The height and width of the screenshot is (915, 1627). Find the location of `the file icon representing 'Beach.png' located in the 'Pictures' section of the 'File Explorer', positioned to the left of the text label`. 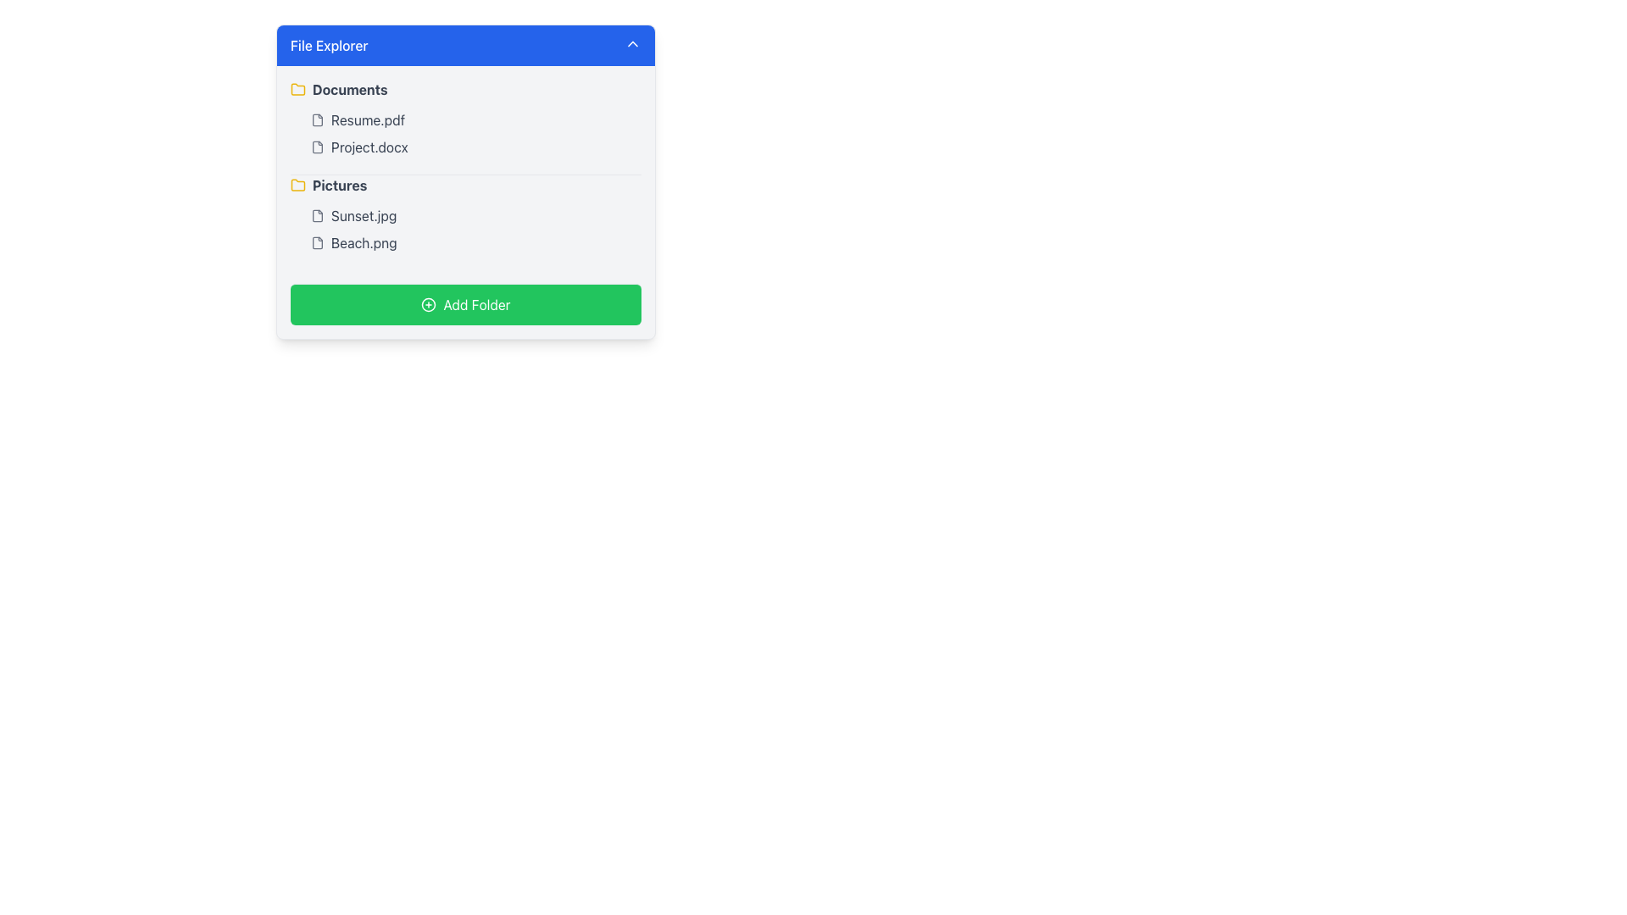

the file icon representing 'Beach.png' located in the 'Pictures' section of the 'File Explorer', positioned to the left of the text label is located at coordinates (317, 242).